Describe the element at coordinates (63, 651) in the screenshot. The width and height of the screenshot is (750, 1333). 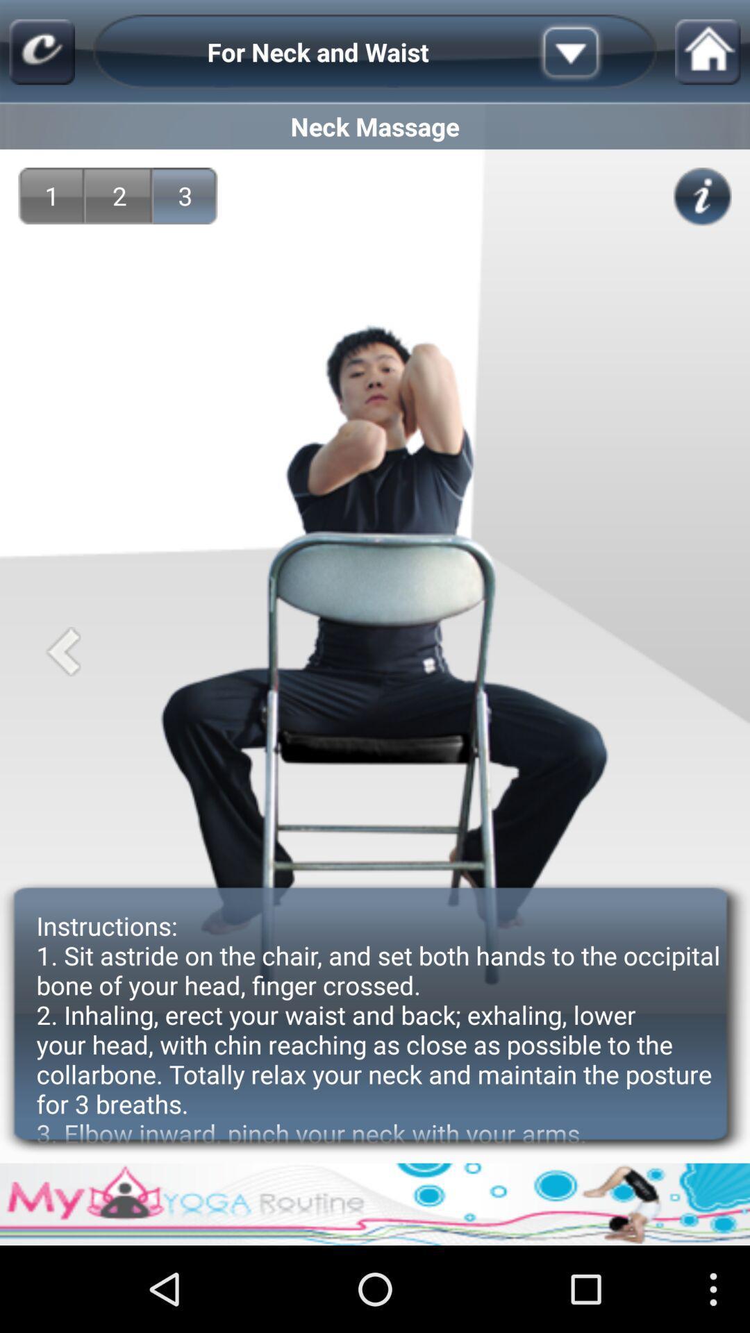
I see `go back` at that location.